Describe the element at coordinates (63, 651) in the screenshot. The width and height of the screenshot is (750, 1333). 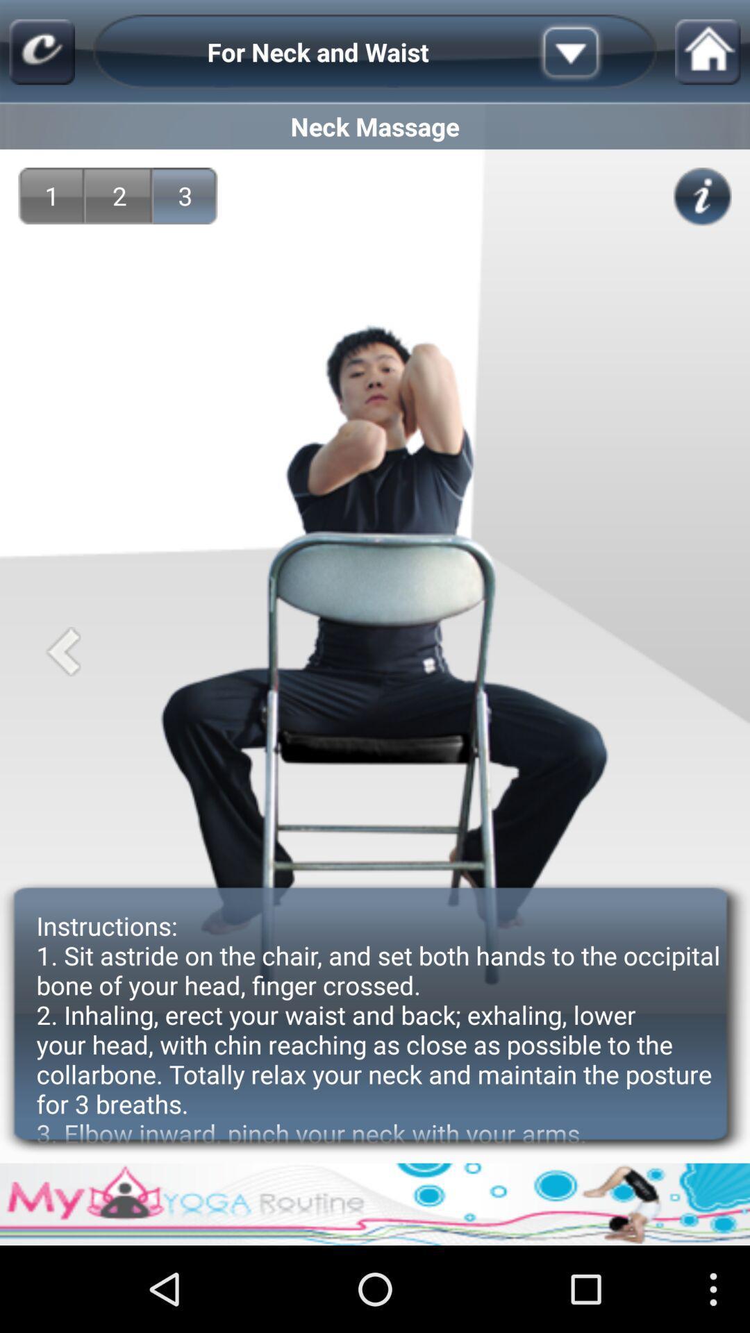
I see `go back` at that location.